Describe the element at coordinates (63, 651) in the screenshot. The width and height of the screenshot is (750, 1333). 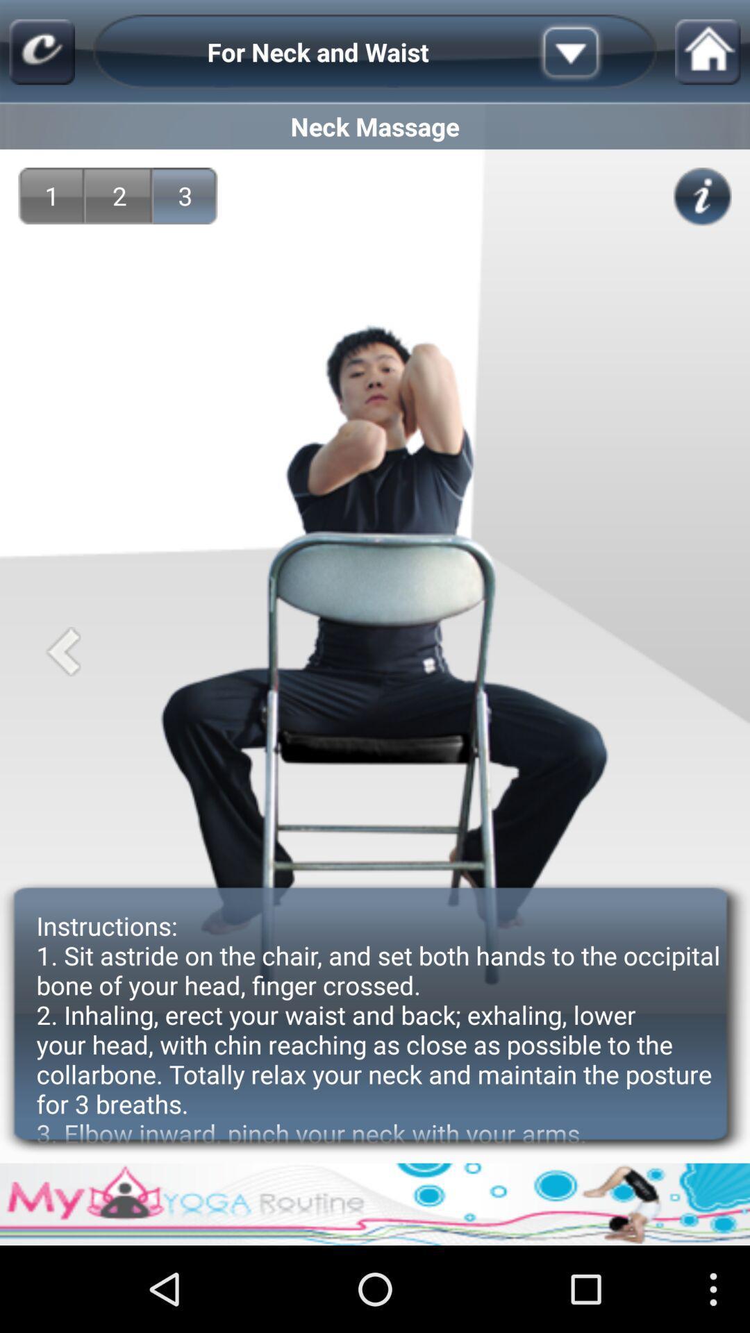
I see `go back` at that location.